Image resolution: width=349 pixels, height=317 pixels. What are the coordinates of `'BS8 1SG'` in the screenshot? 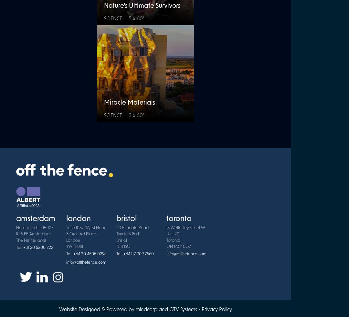 It's located at (123, 247).